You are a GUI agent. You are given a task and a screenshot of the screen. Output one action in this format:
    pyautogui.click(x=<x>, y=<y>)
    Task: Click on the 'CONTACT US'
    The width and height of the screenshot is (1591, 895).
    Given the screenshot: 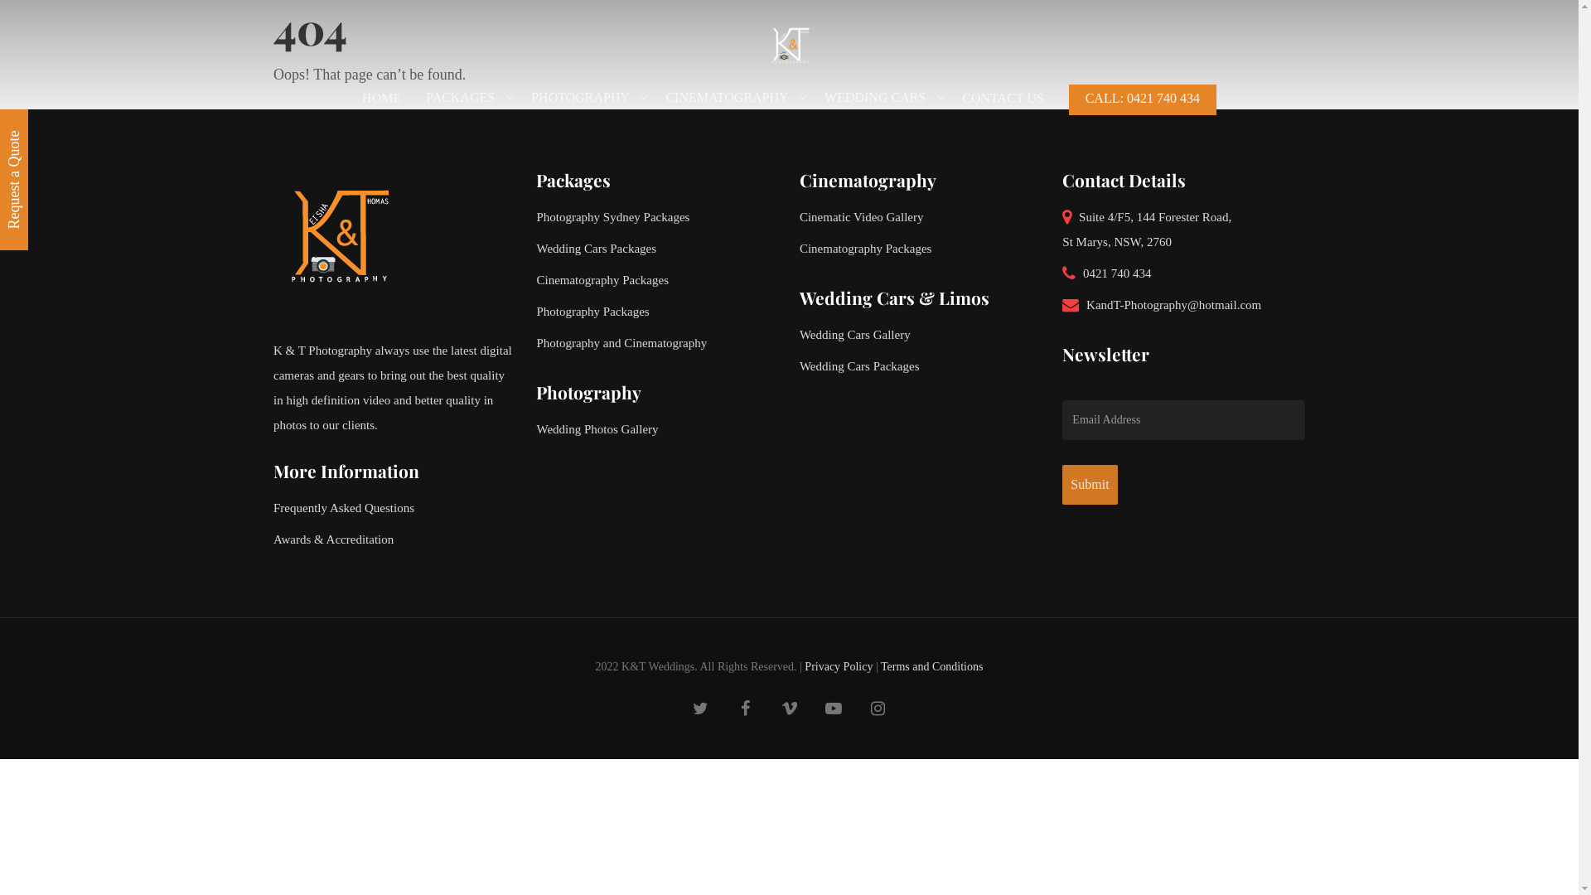 What is the action you would take?
    pyautogui.click(x=962, y=106)
    